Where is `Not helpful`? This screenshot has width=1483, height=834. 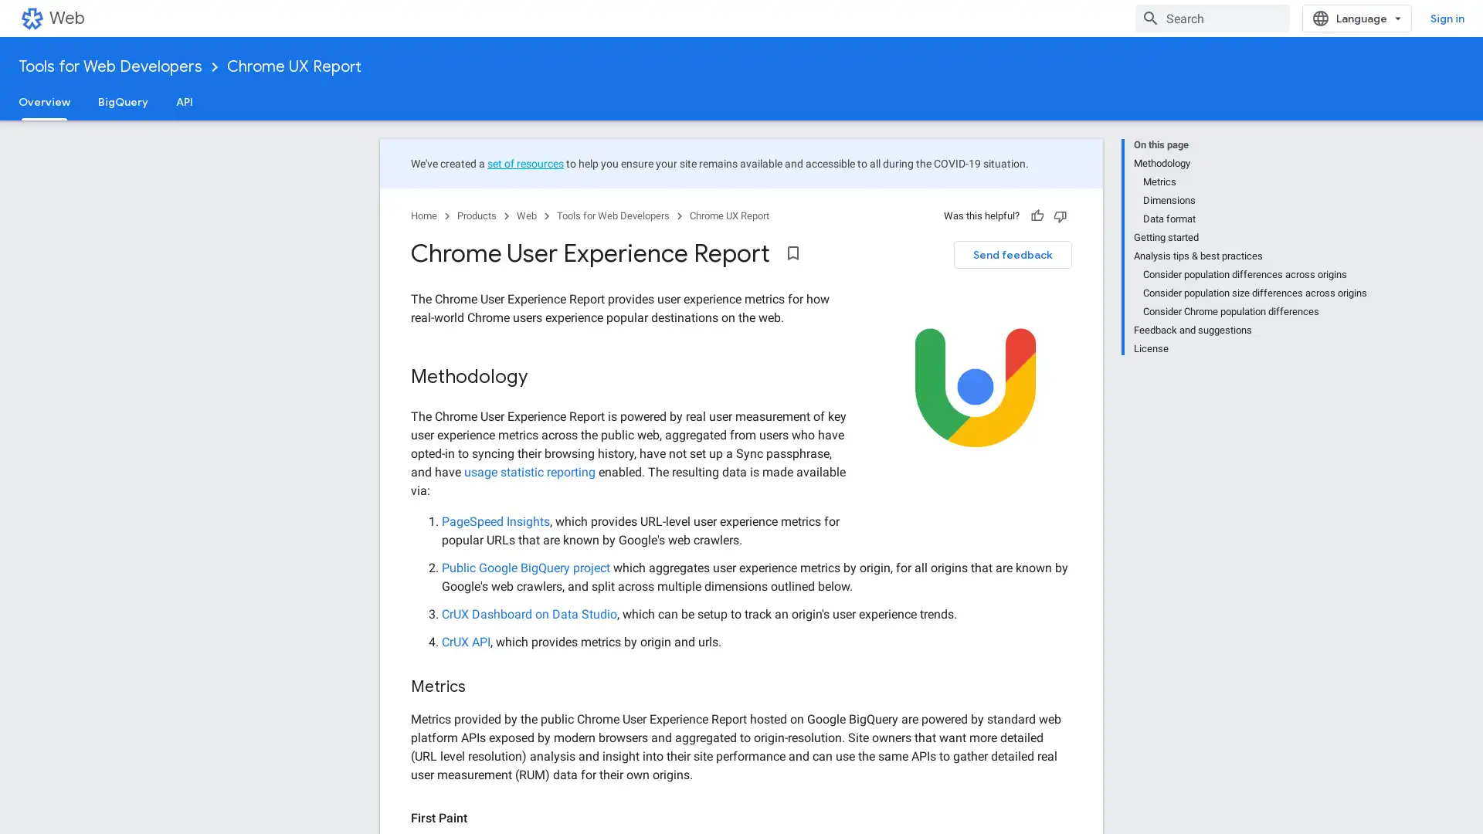
Not helpful is located at coordinates (1059, 216).